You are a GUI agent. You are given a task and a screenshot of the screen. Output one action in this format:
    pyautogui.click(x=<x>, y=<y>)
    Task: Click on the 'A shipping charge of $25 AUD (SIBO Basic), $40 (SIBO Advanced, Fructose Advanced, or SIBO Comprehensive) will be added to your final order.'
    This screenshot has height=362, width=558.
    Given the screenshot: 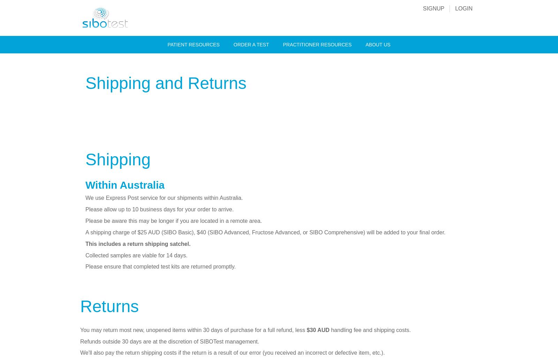 What is the action you would take?
    pyautogui.click(x=265, y=232)
    